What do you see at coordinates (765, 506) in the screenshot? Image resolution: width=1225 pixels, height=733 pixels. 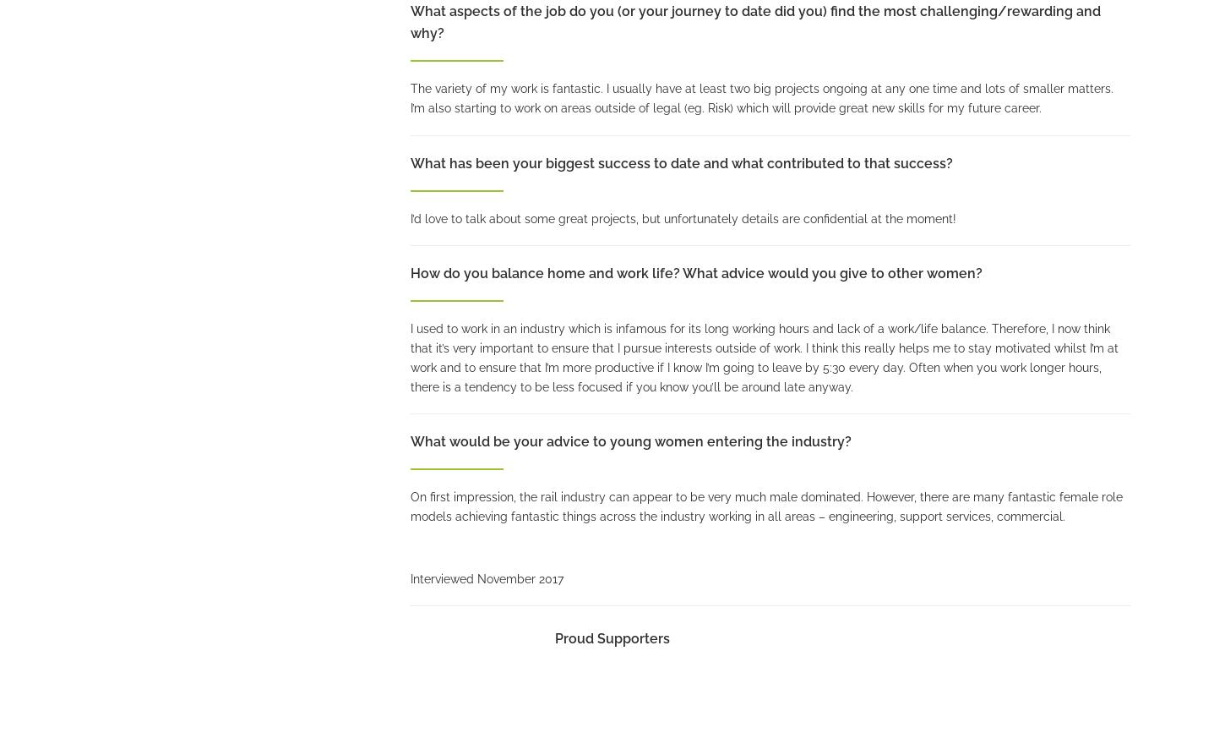 I see `'On first impression, the rail industry can appear to be very much male dominated. However, there are many fantastic female role models achieving fantastic things across the industry working in all areas – engineering, support services, commercial.'` at bounding box center [765, 506].